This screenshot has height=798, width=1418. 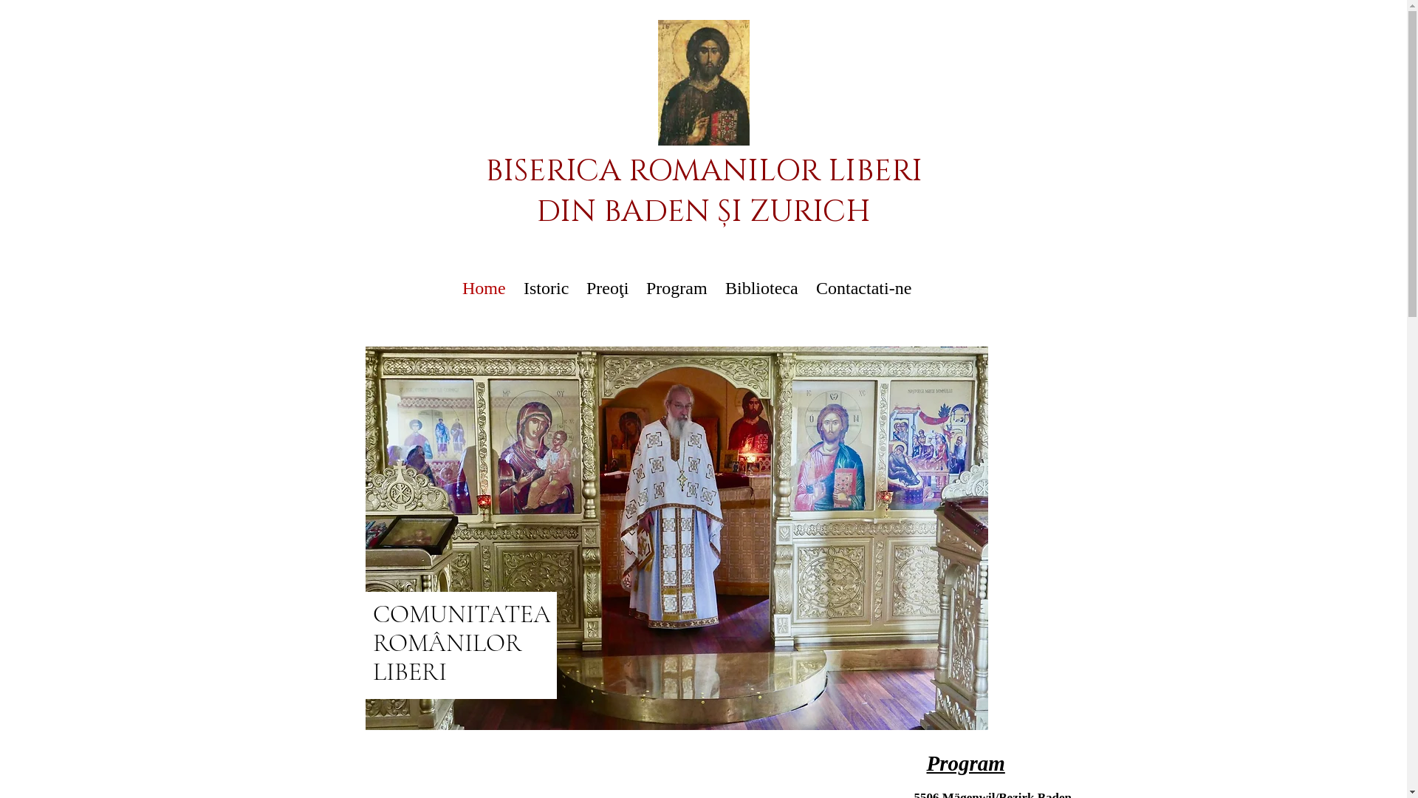 What do you see at coordinates (761, 288) in the screenshot?
I see `'Biblioteca'` at bounding box center [761, 288].